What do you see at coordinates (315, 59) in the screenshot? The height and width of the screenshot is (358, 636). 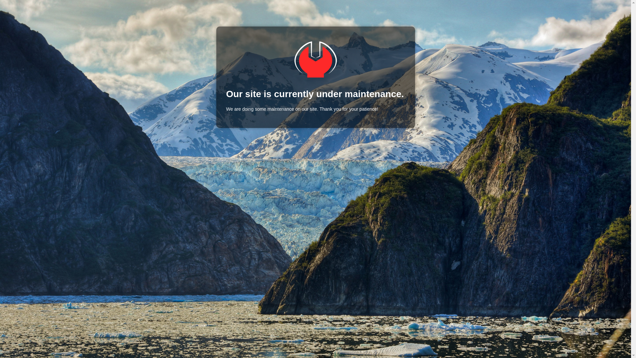 I see `'Medical Cannabis Doctors Clinic Melbourne'` at bounding box center [315, 59].